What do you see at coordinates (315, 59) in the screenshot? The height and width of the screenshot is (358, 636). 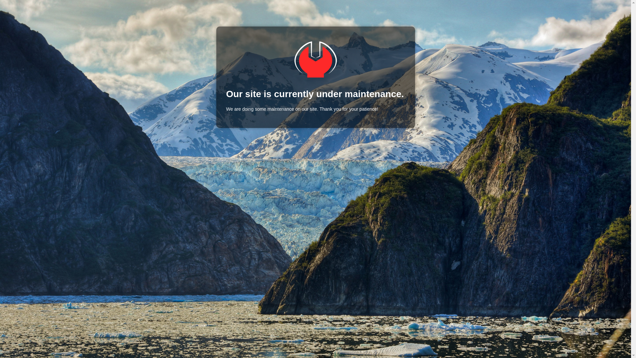 I see `'Medical Cannabis Doctors Clinic Melbourne'` at bounding box center [315, 59].